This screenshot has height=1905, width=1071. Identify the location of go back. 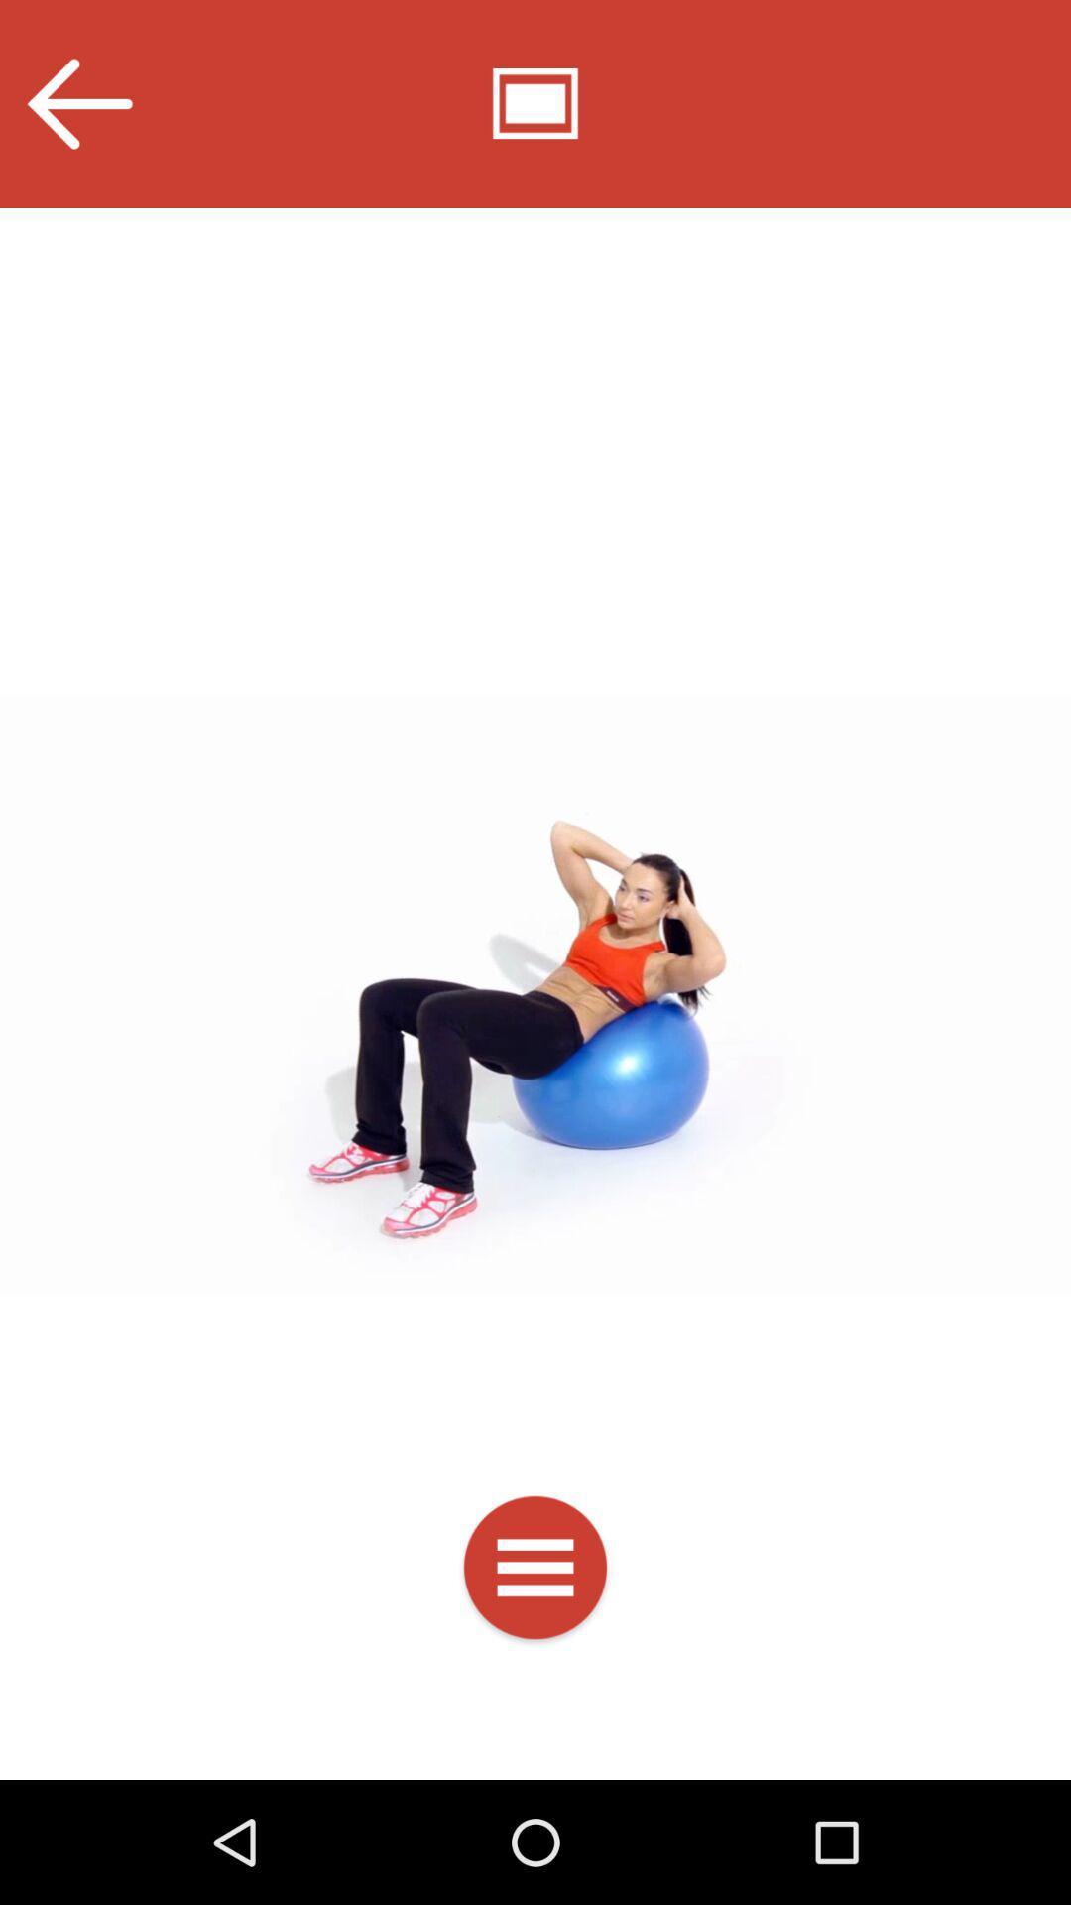
(77, 103).